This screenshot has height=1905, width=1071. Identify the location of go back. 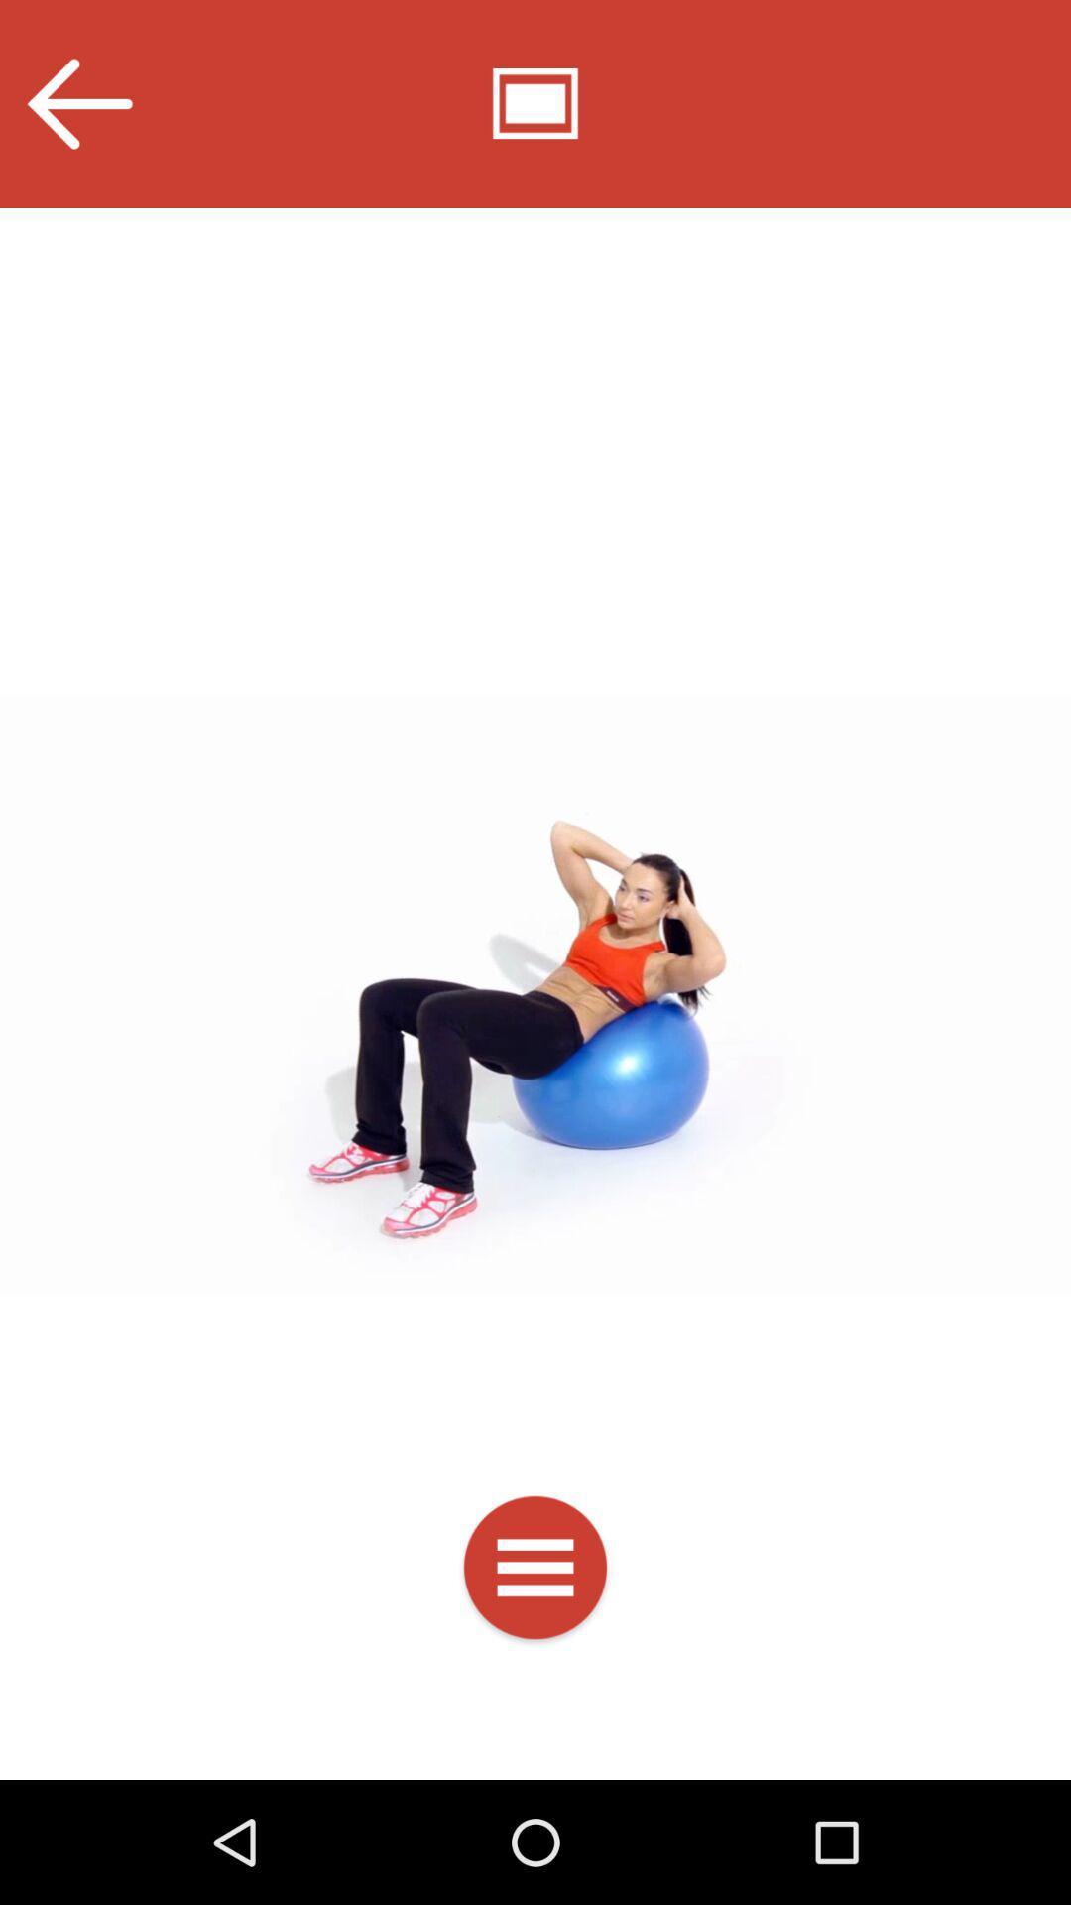
(77, 103).